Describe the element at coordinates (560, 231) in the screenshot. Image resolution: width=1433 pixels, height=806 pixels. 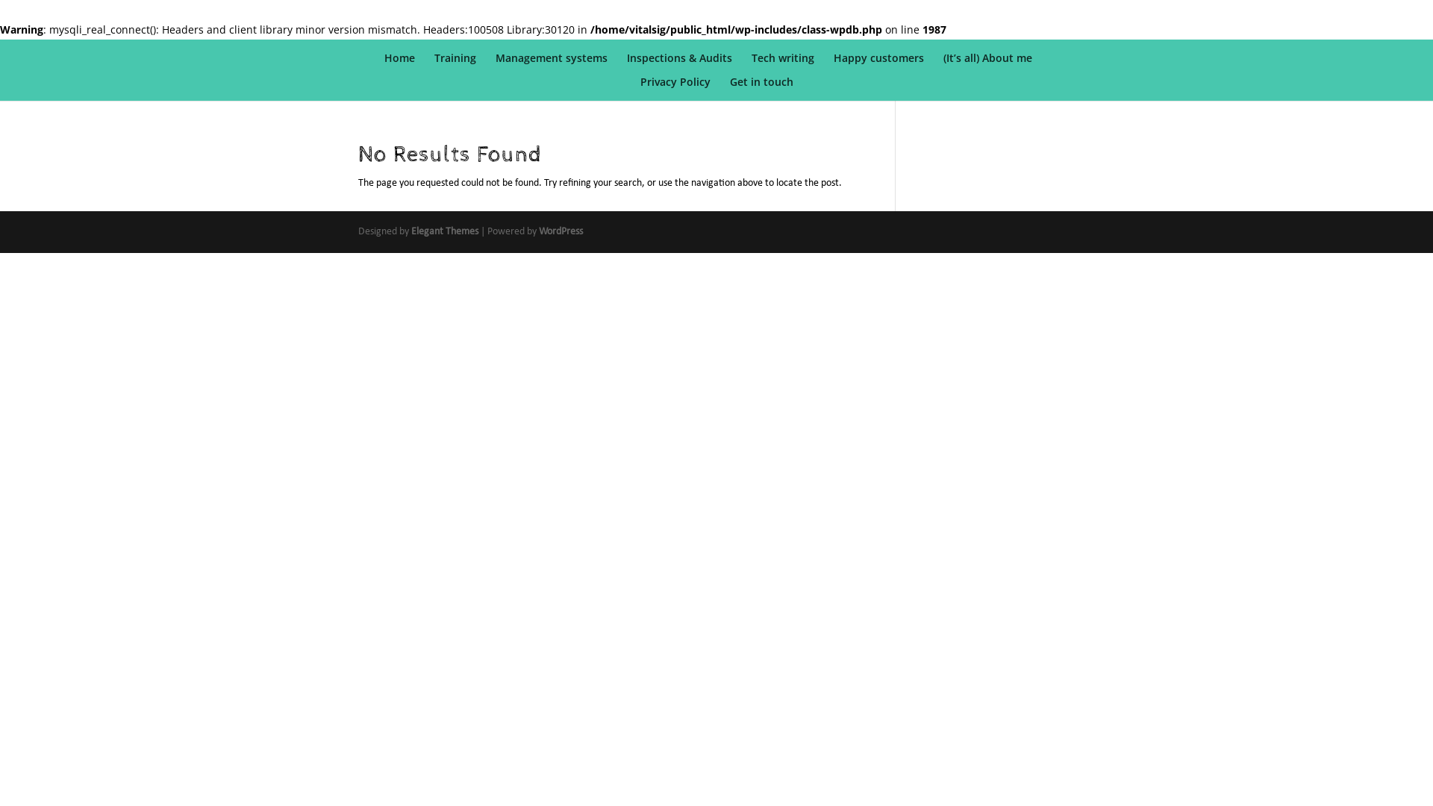
I see `'WordPress'` at that location.